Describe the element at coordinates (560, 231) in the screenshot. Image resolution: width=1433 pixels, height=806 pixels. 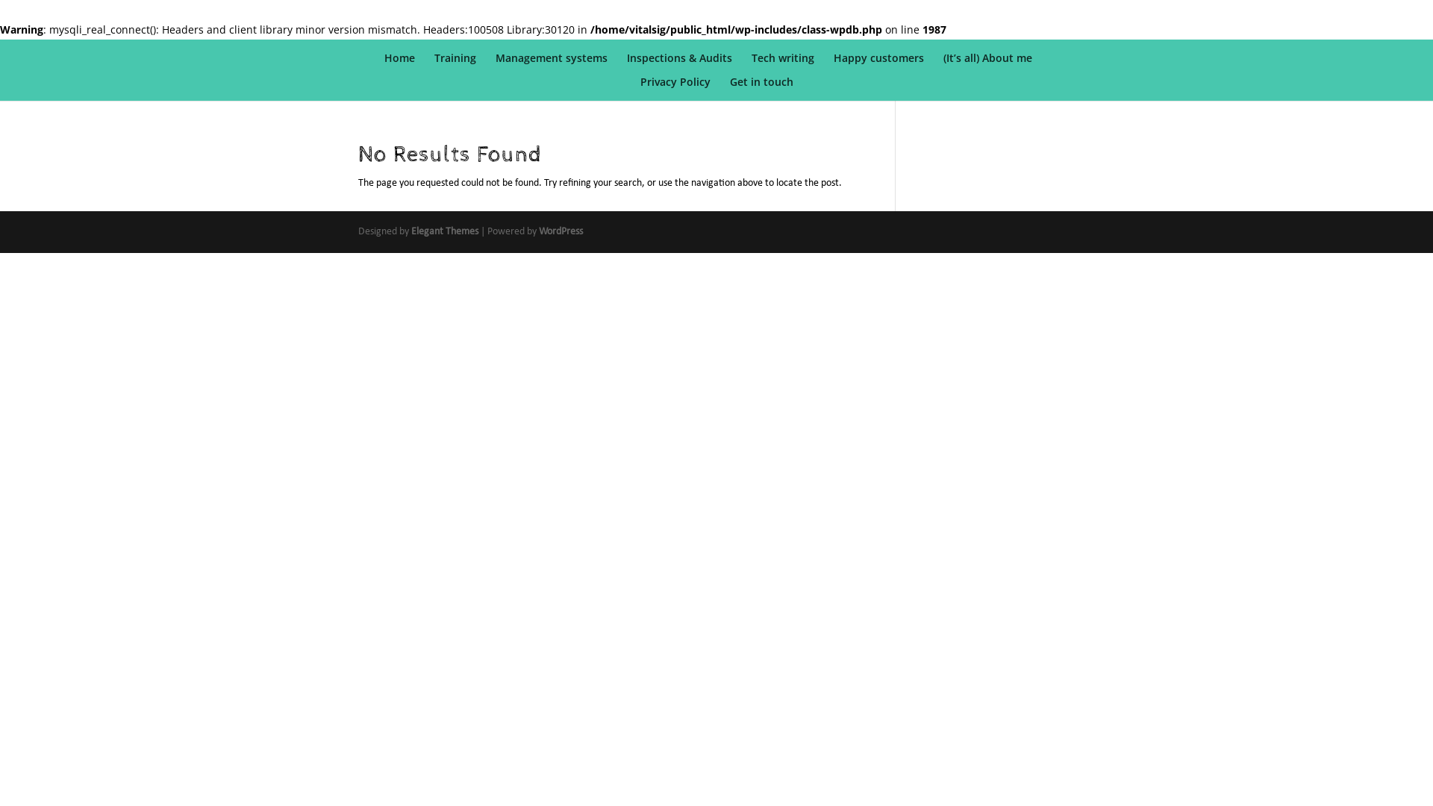
I see `'WordPress'` at that location.